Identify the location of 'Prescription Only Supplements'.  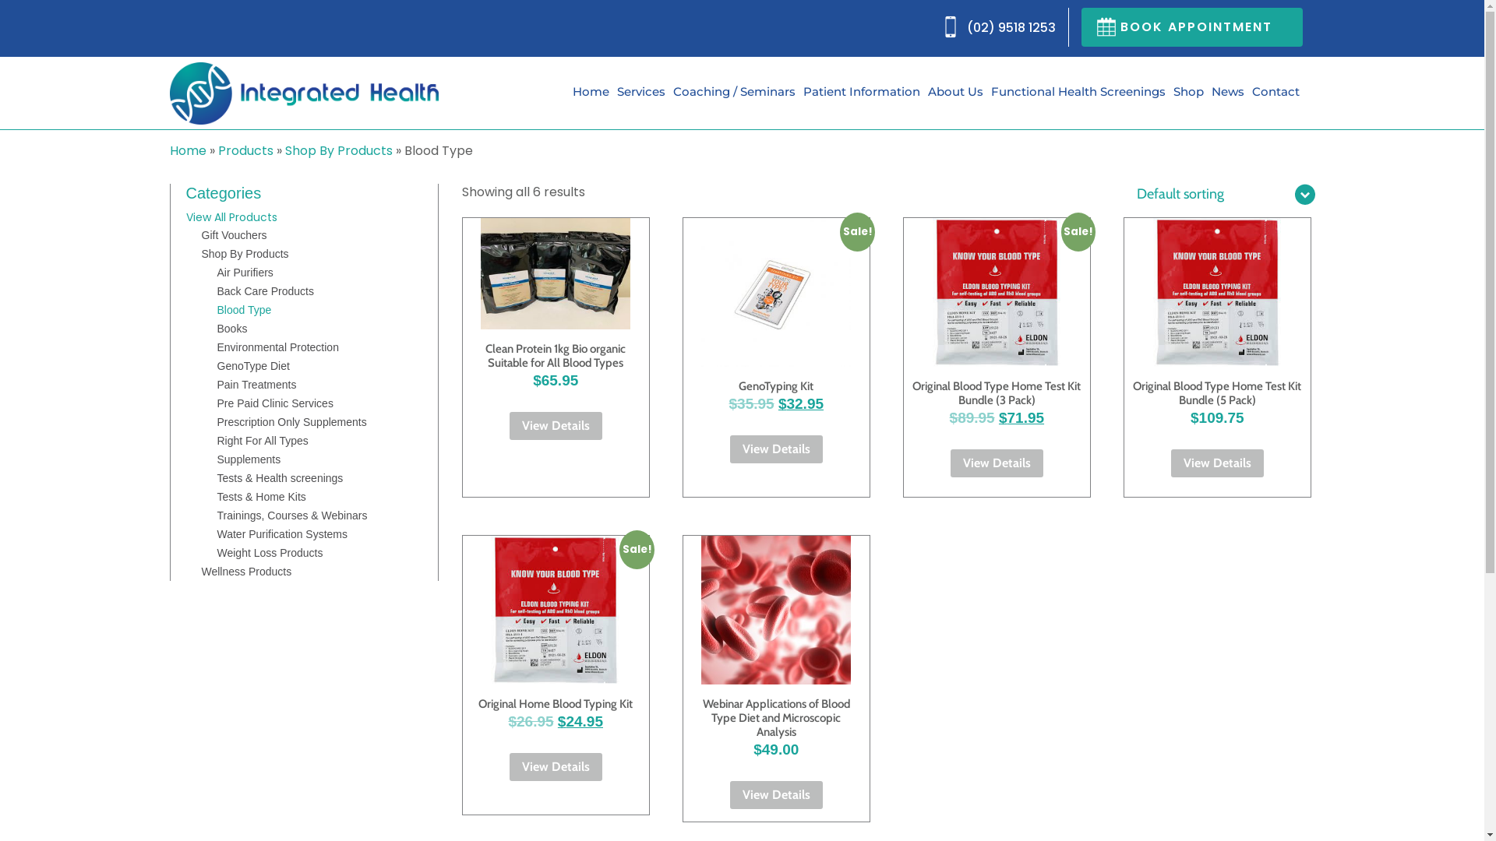
(291, 422).